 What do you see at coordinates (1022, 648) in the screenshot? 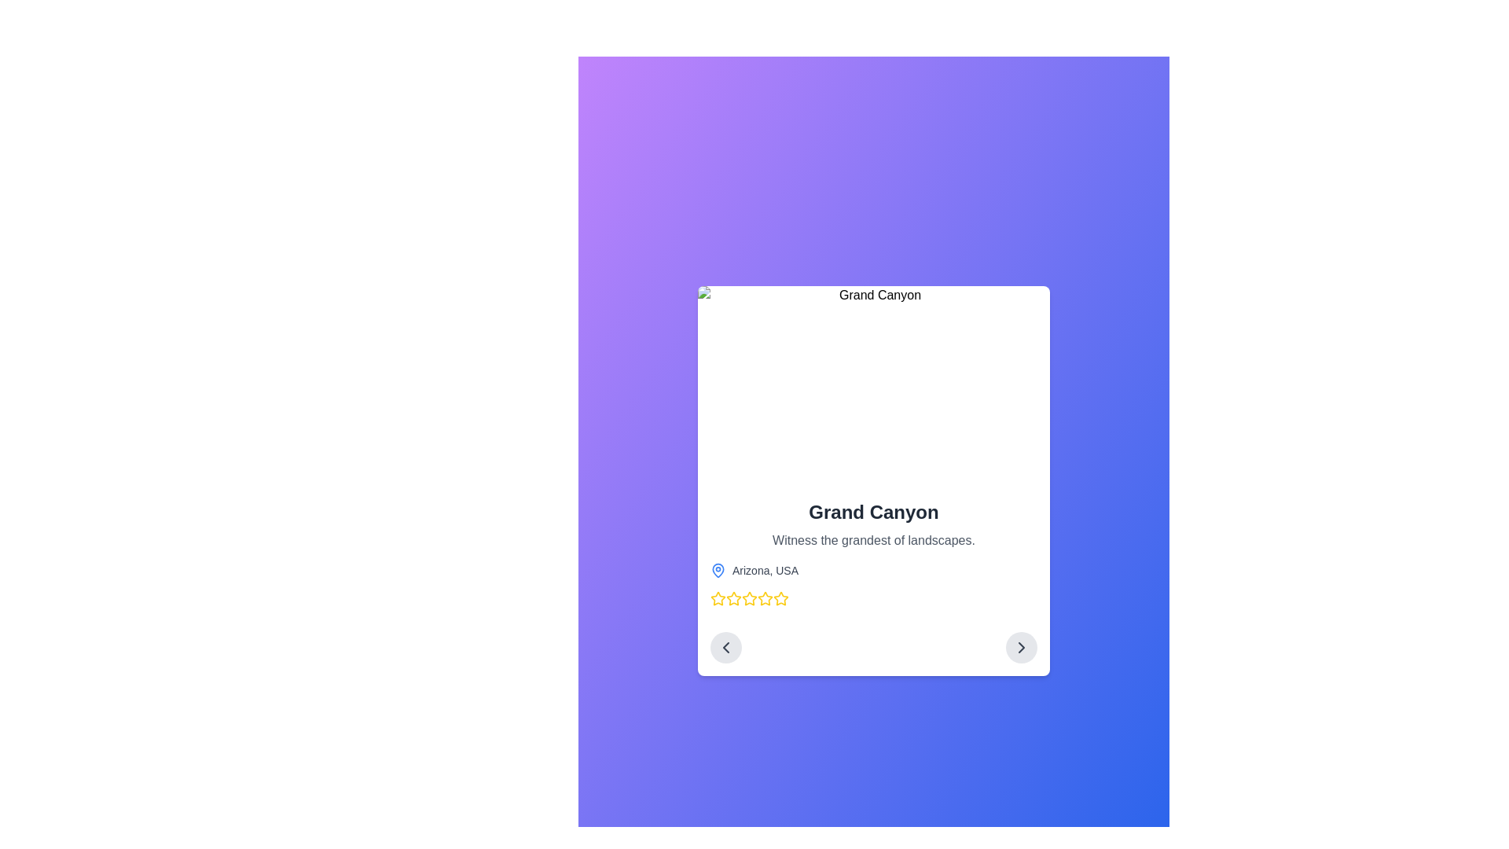
I see `the rightward-pointing chevron icon inside the circular button located at the bottom-right corner of the content card` at bounding box center [1022, 648].